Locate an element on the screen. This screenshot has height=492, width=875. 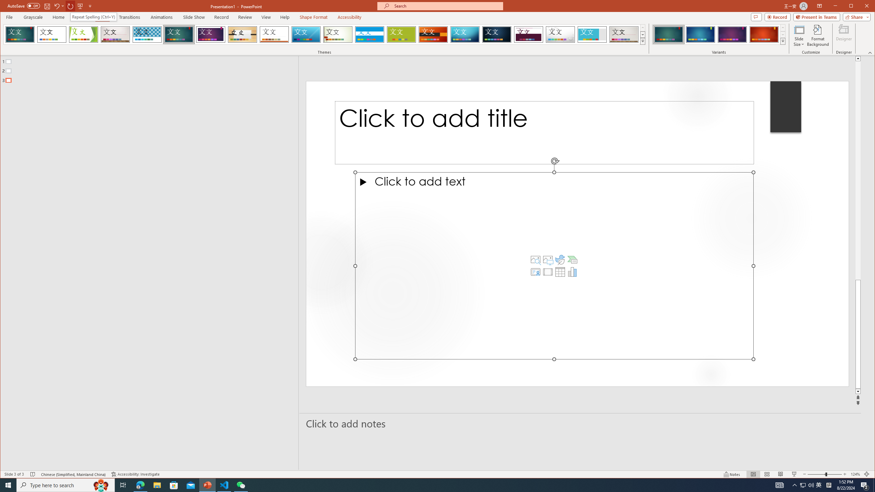
'AutomationID: ThemeVariantsGallery' is located at coordinates (719, 34).